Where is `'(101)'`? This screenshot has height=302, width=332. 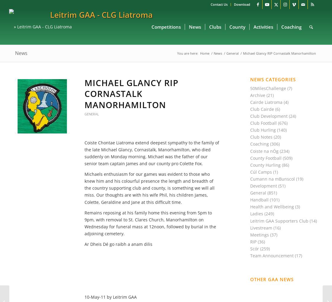 '(101)' is located at coordinates (274, 200).